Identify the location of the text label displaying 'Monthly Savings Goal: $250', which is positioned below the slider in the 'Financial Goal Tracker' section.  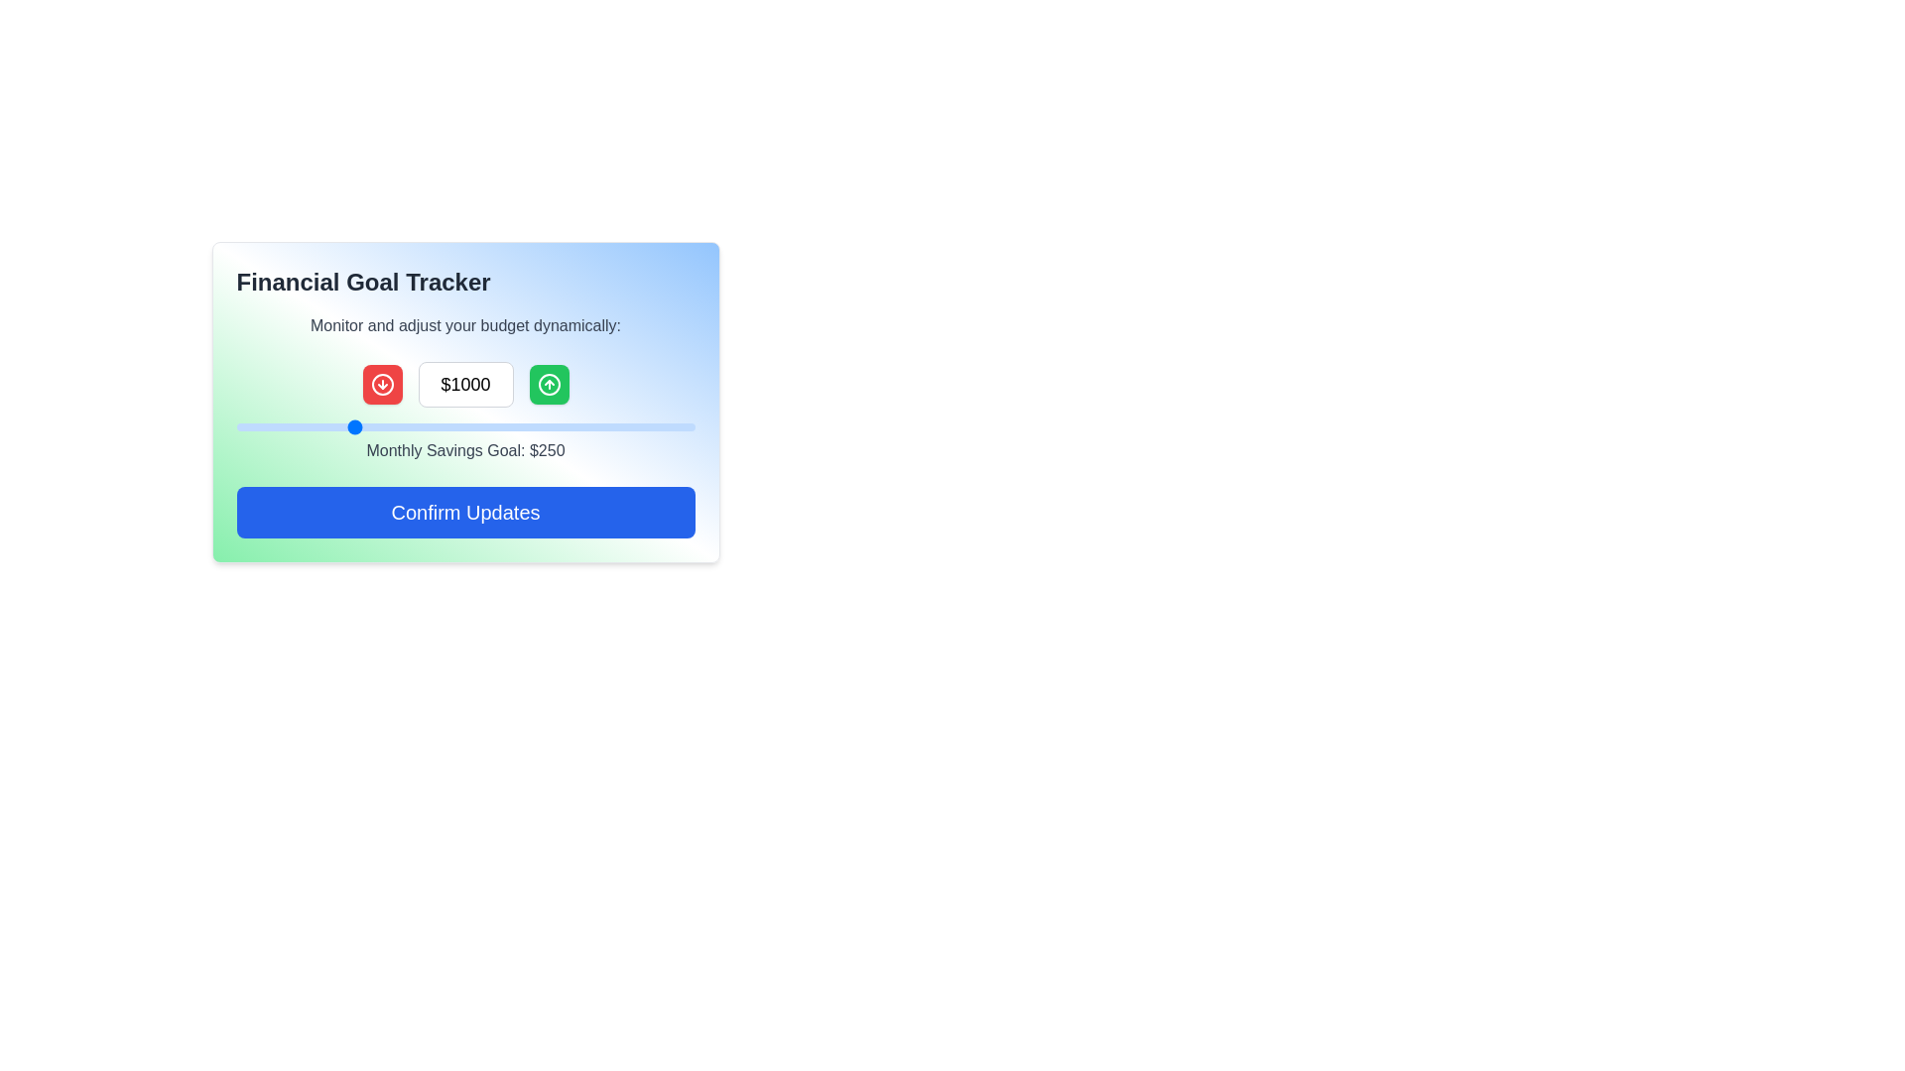
(464, 412).